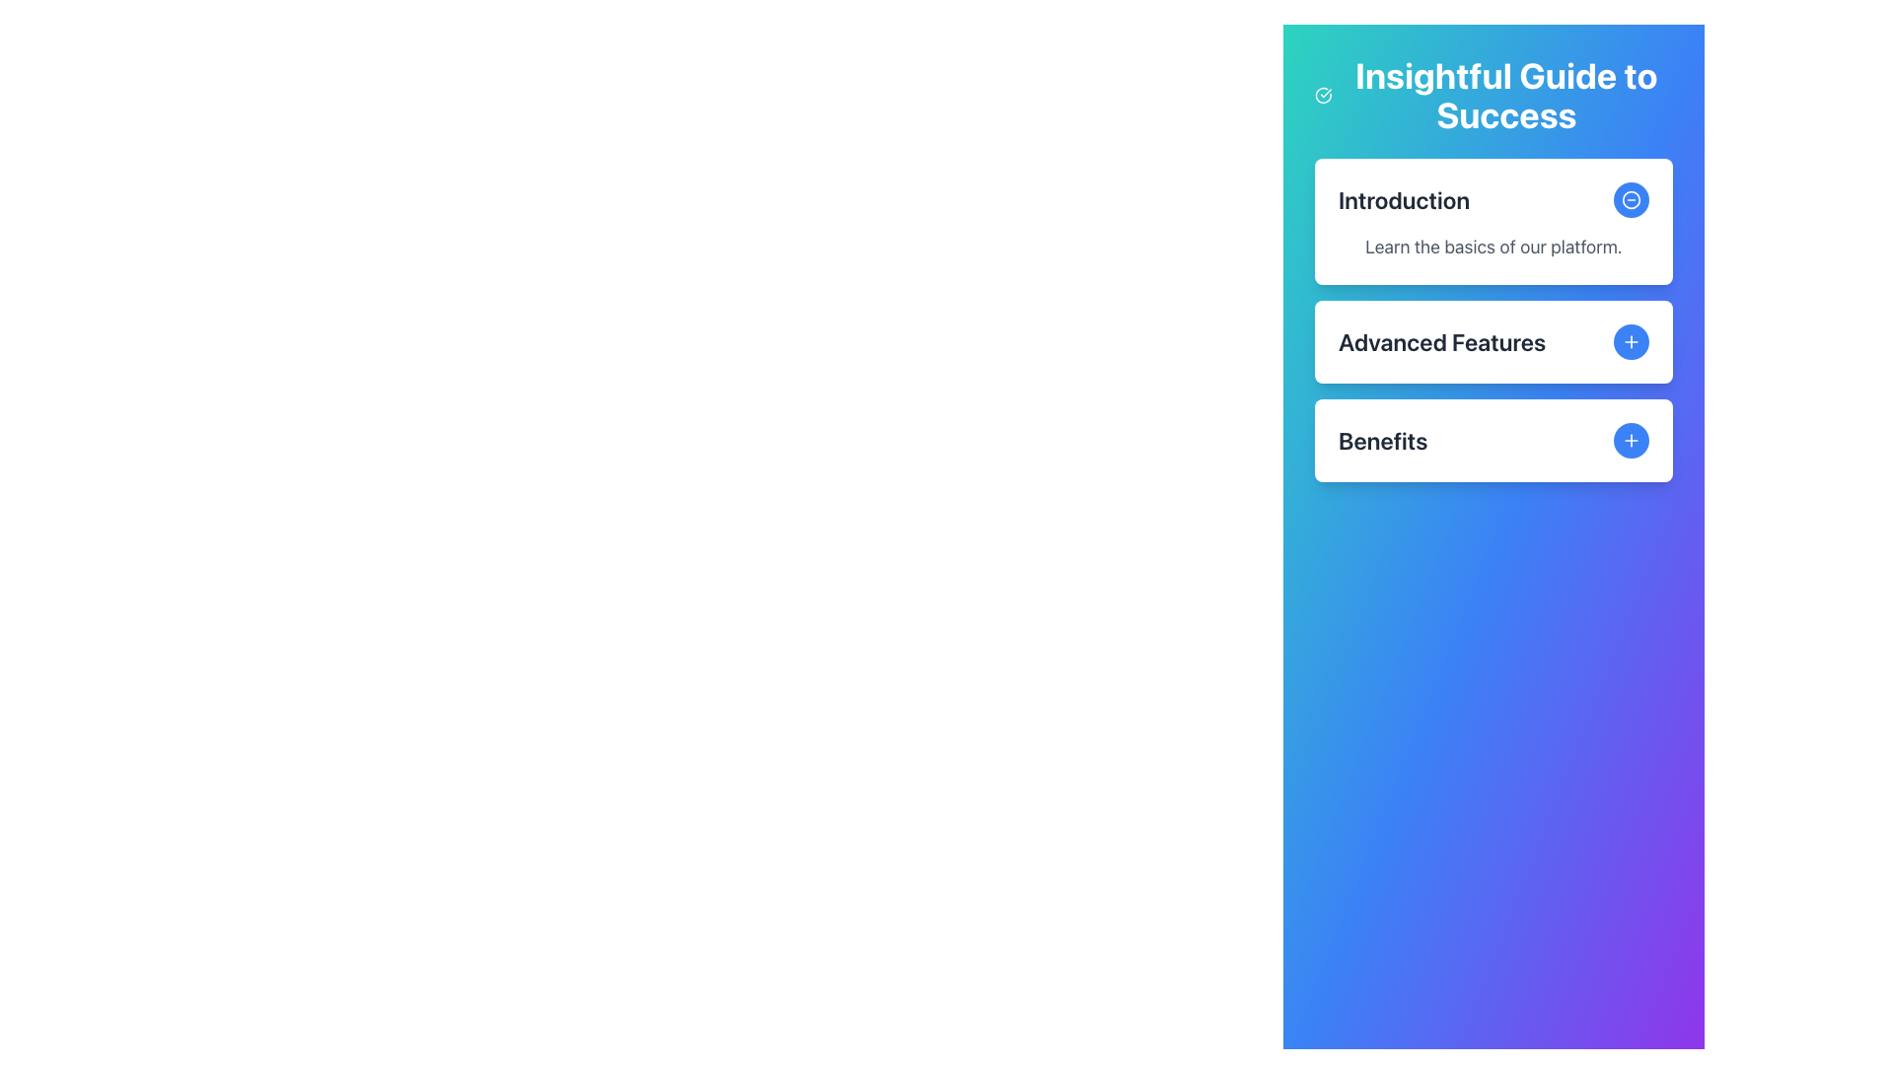 This screenshot has height=1065, width=1894. What do you see at coordinates (1632, 341) in the screenshot?
I see `the circular blue button with a white plus sign (+) located to the right of the 'Advanced Features' text` at bounding box center [1632, 341].